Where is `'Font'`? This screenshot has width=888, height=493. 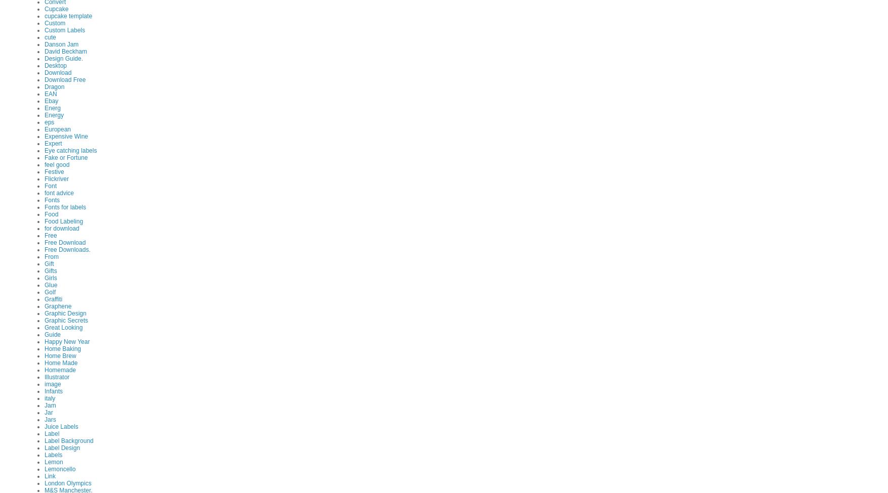
'Font' is located at coordinates (50, 185).